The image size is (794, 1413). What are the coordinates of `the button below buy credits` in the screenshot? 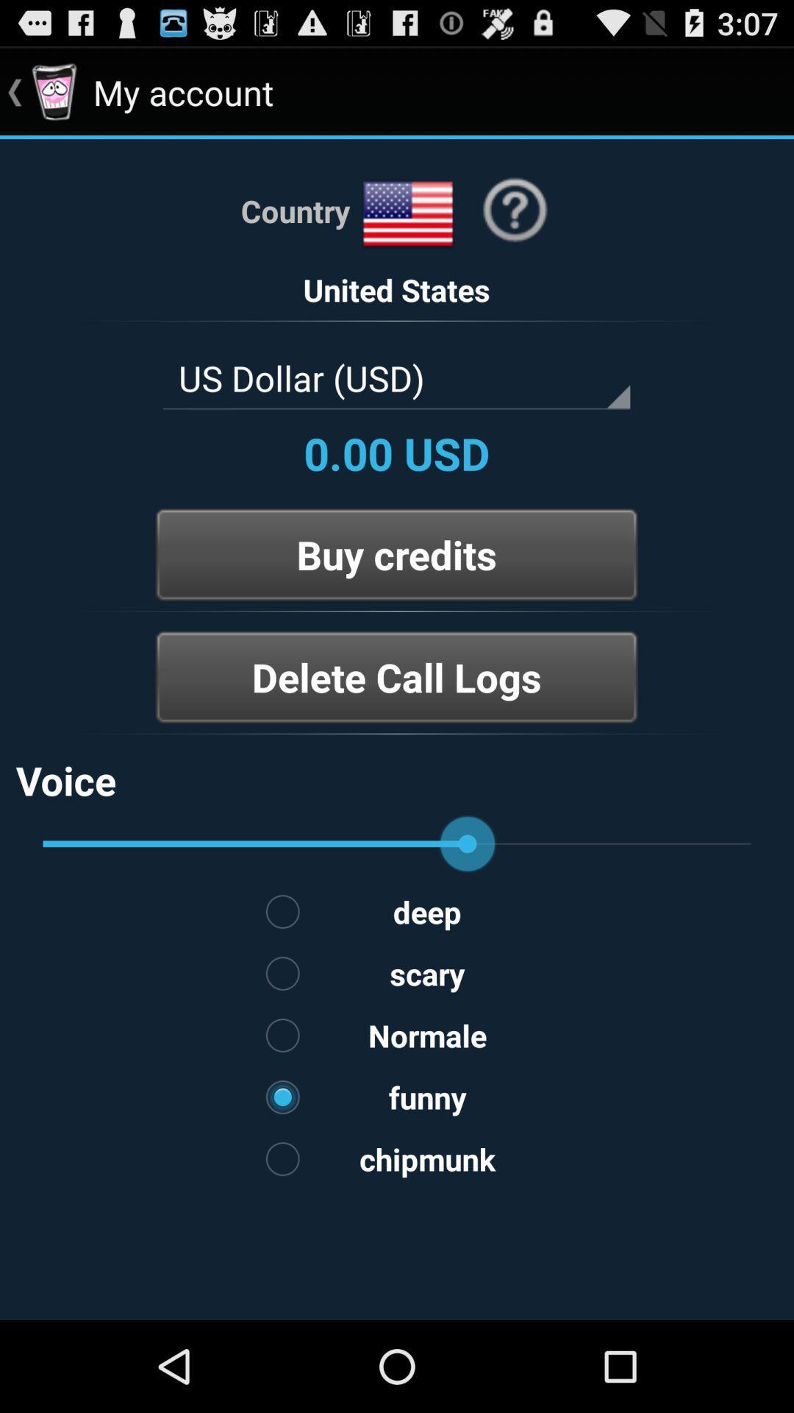 It's located at (397, 676).